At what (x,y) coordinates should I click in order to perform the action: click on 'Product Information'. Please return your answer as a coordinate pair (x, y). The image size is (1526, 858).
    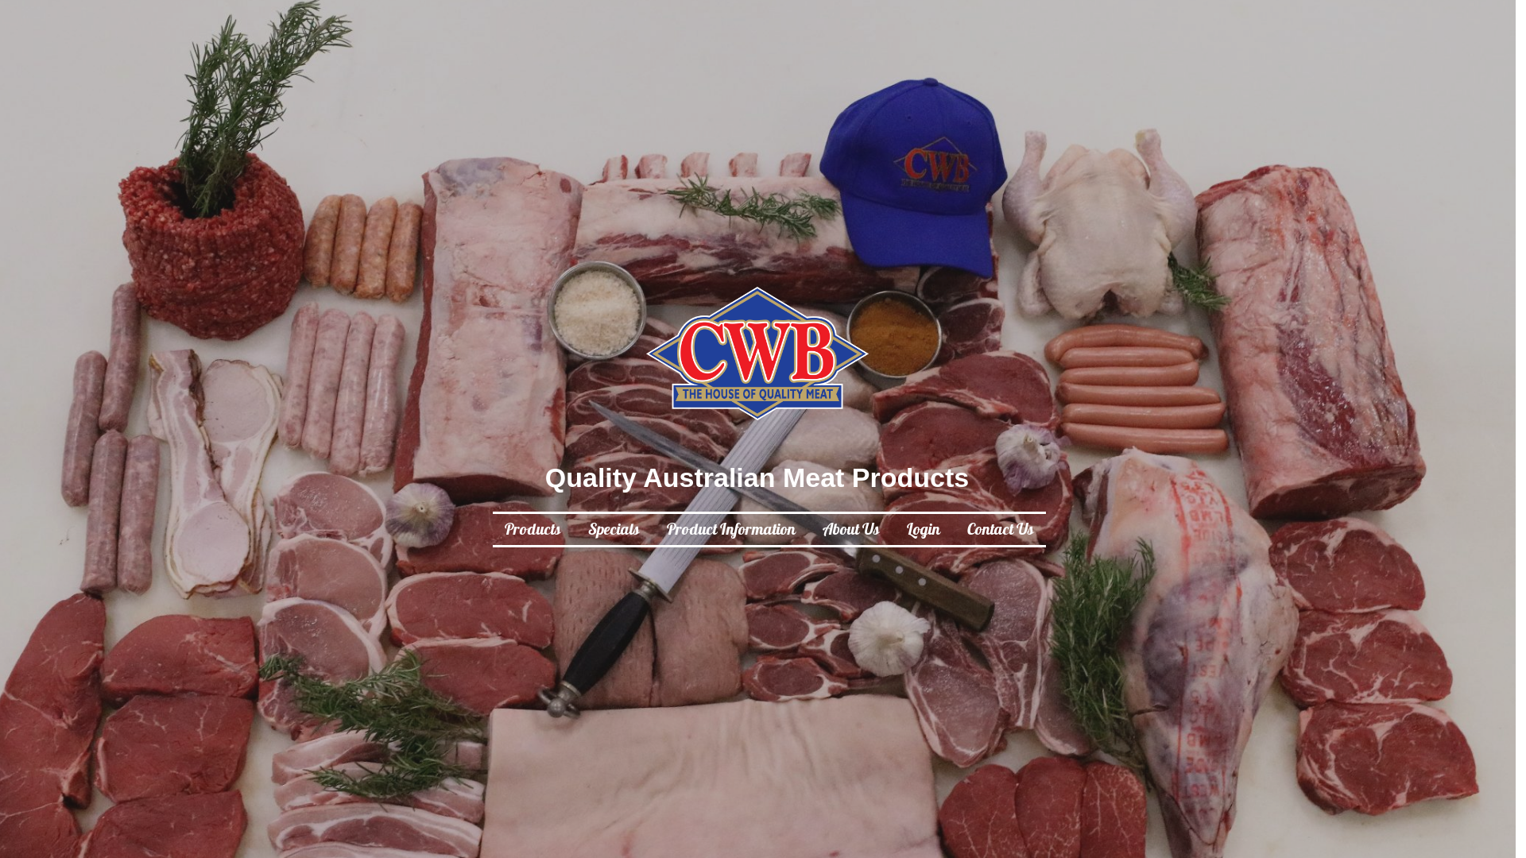
    Looking at the image, I should click on (729, 531).